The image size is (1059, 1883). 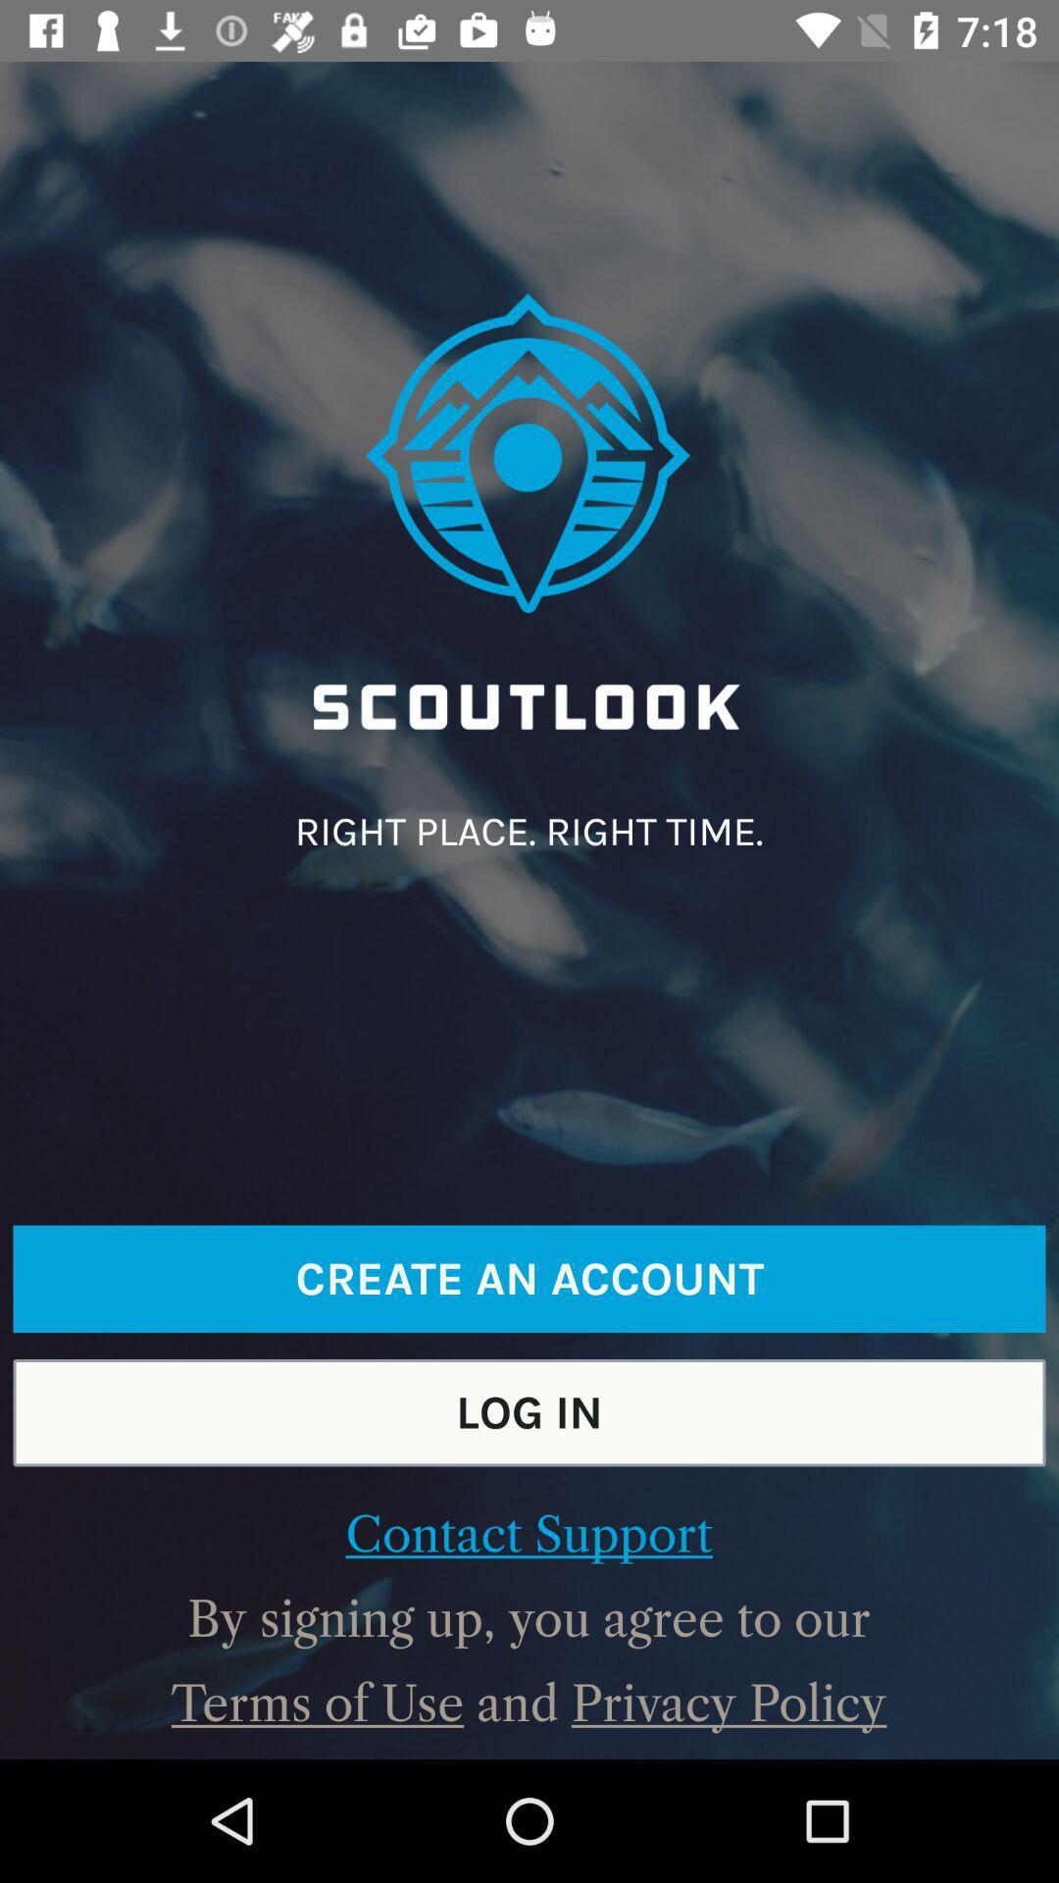 I want to click on the icon to the right of  and  item, so click(x=729, y=1703).